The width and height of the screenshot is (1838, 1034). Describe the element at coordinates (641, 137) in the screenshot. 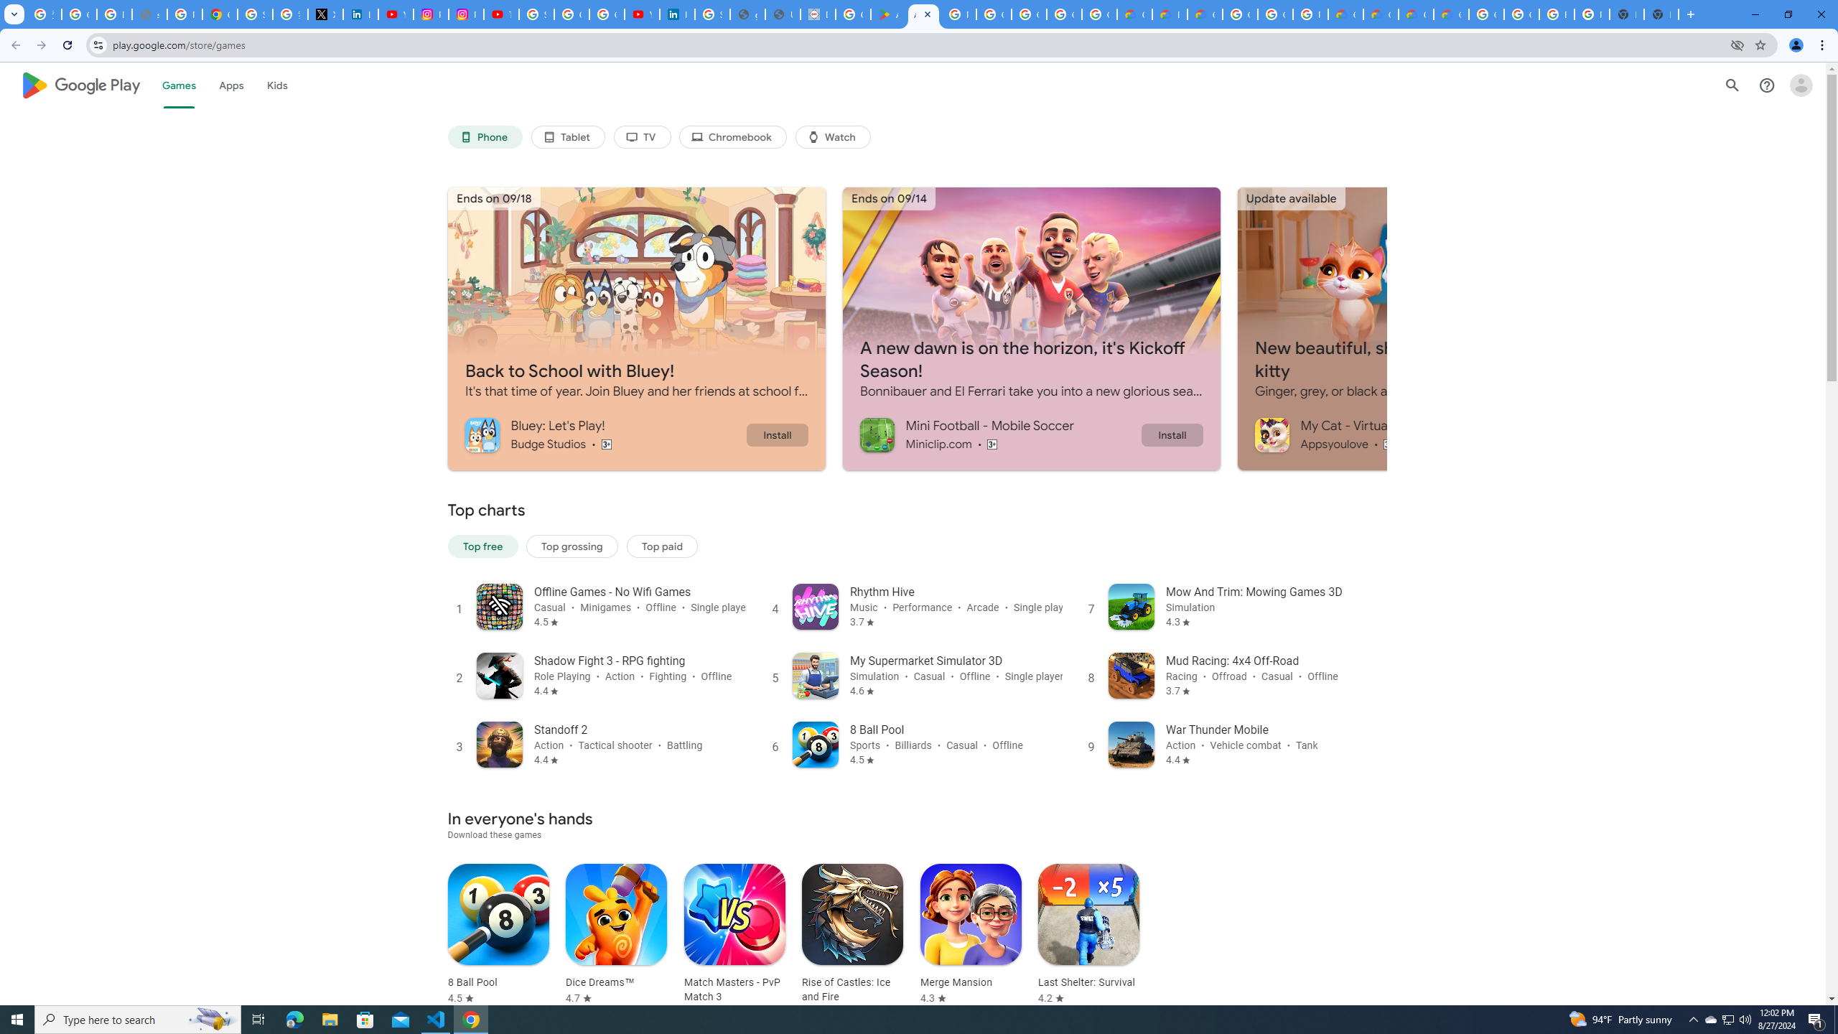

I see `'TV'` at that location.